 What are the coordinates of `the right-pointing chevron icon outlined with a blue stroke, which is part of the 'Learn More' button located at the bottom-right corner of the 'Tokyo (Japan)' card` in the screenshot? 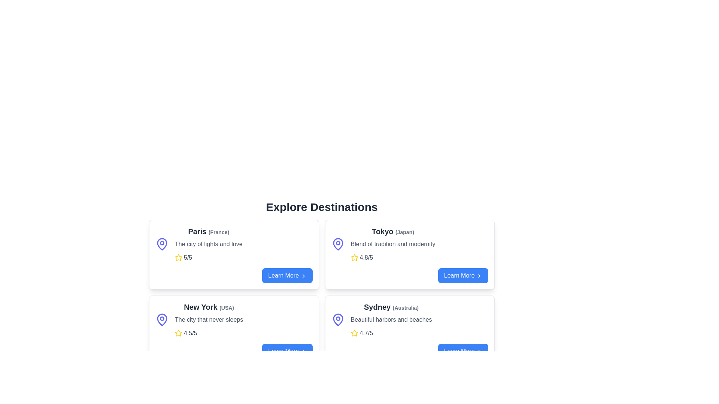 It's located at (479, 276).